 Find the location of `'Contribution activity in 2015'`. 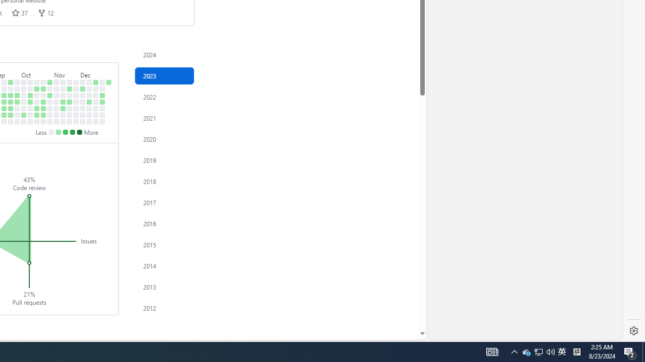

'Contribution activity in 2015' is located at coordinates (165, 244).